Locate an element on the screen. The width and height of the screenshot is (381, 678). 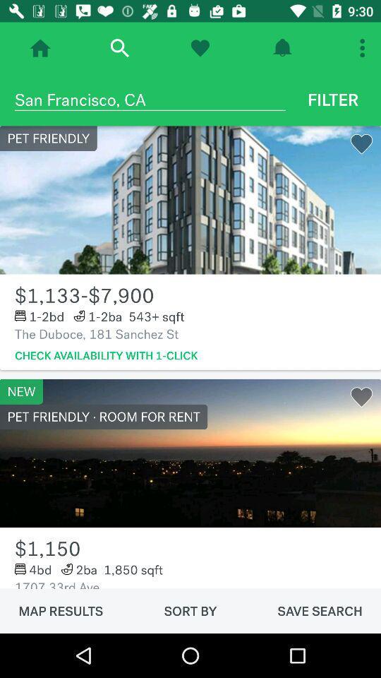
show favorite property is located at coordinates (199, 48).